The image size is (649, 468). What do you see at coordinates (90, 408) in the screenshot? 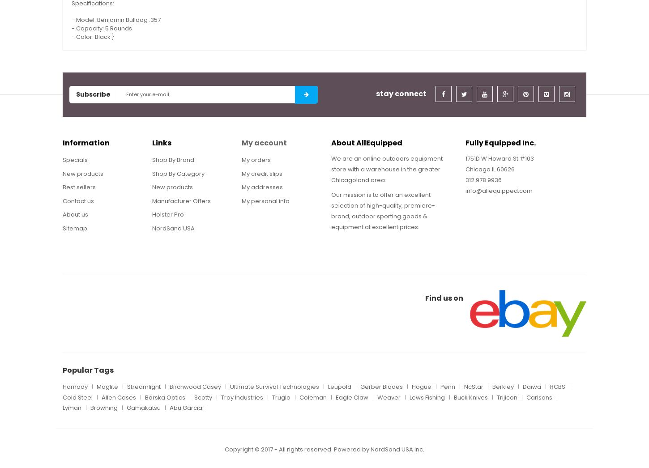
I see `'Browning'` at bounding box center [90, 408].